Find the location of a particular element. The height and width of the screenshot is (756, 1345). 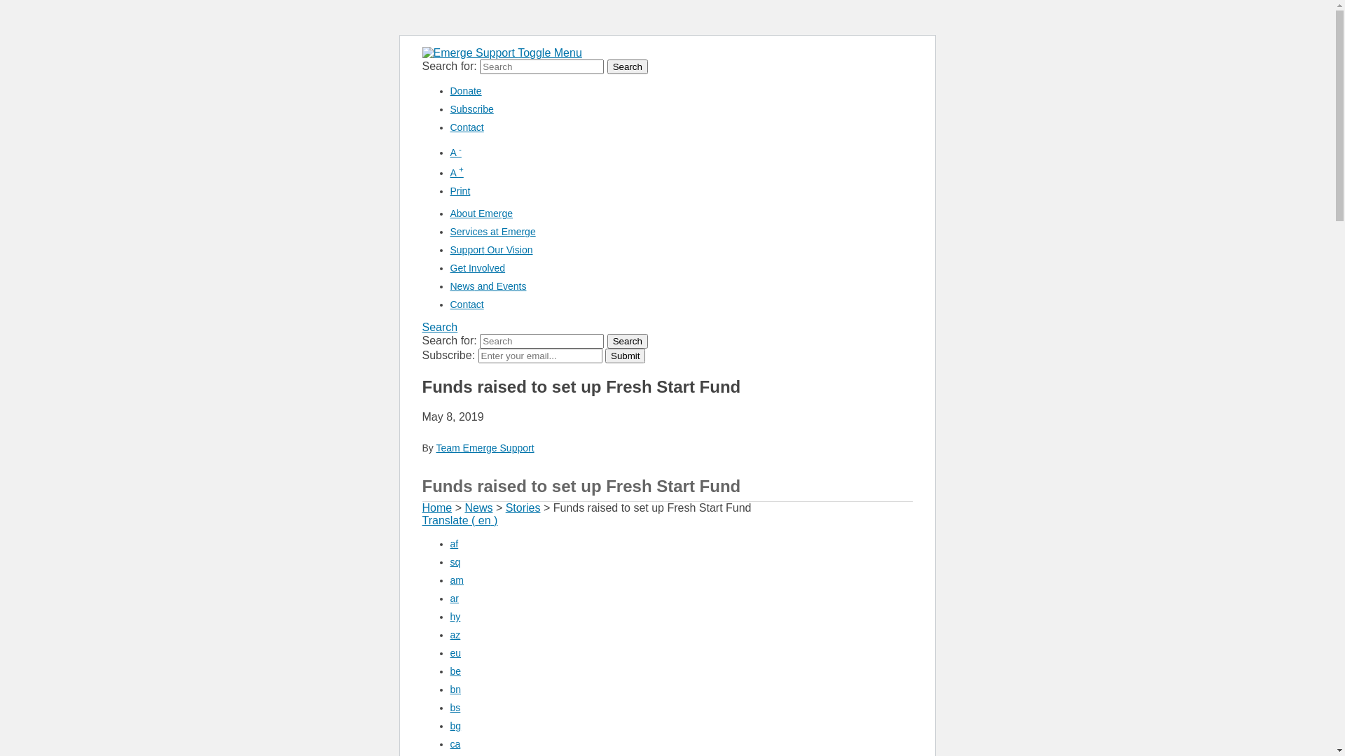

'A -' is located at coordinates (455, 153).